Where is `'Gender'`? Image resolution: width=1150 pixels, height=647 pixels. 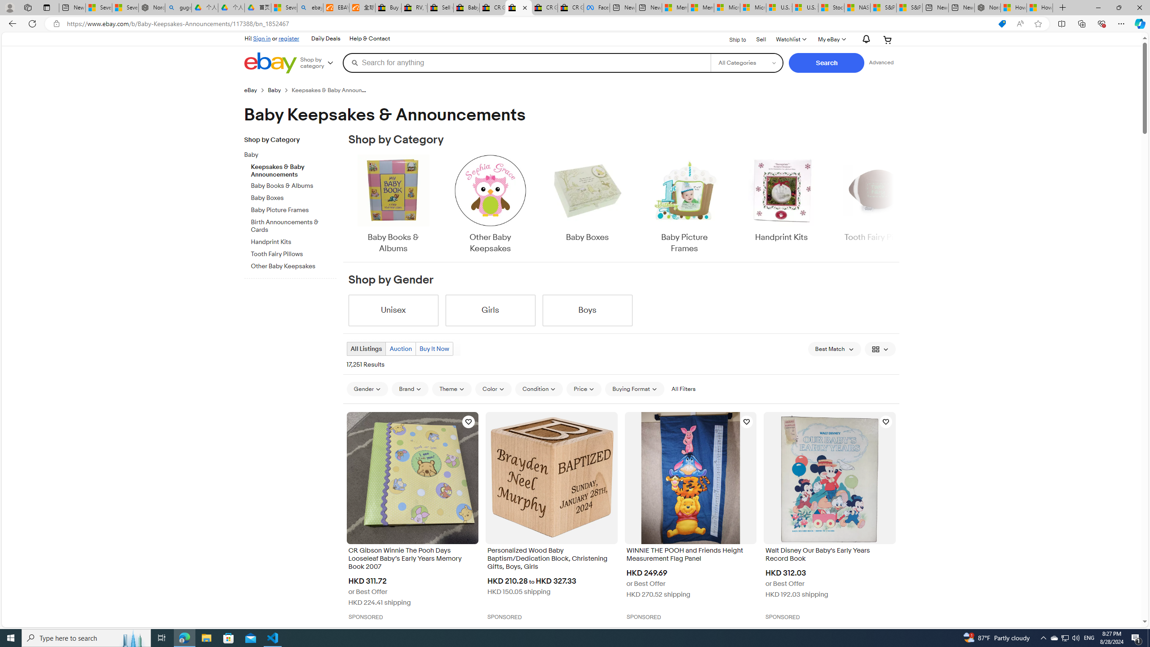
'Gender' is located at coordinates (367, 389).